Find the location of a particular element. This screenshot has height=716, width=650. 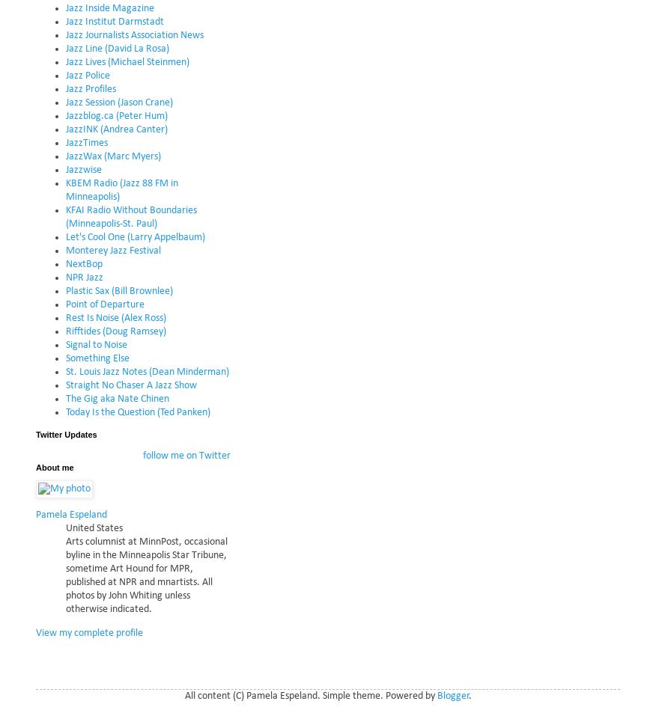

'Jazz Police' is located at coordinates (88, 75).